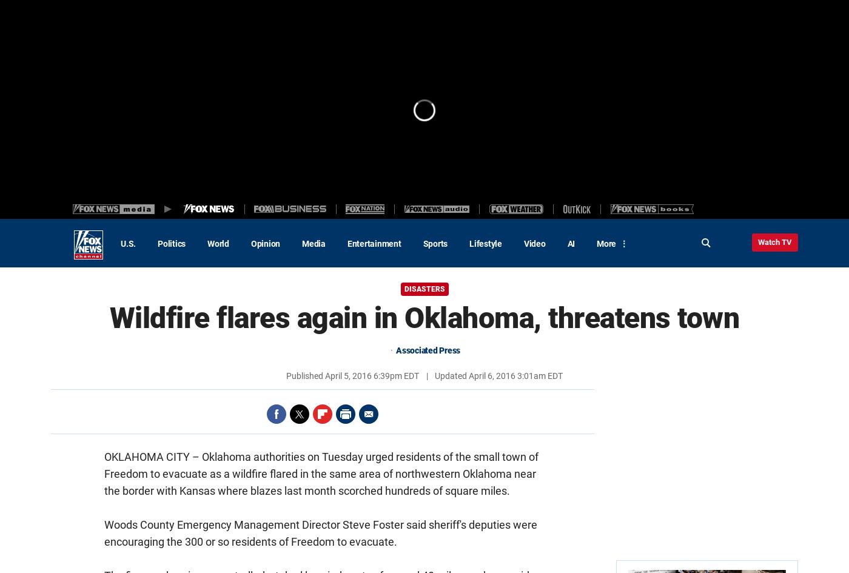  I want to click on 'April 6, 2016 3:01am EDT', so click(468, 375).